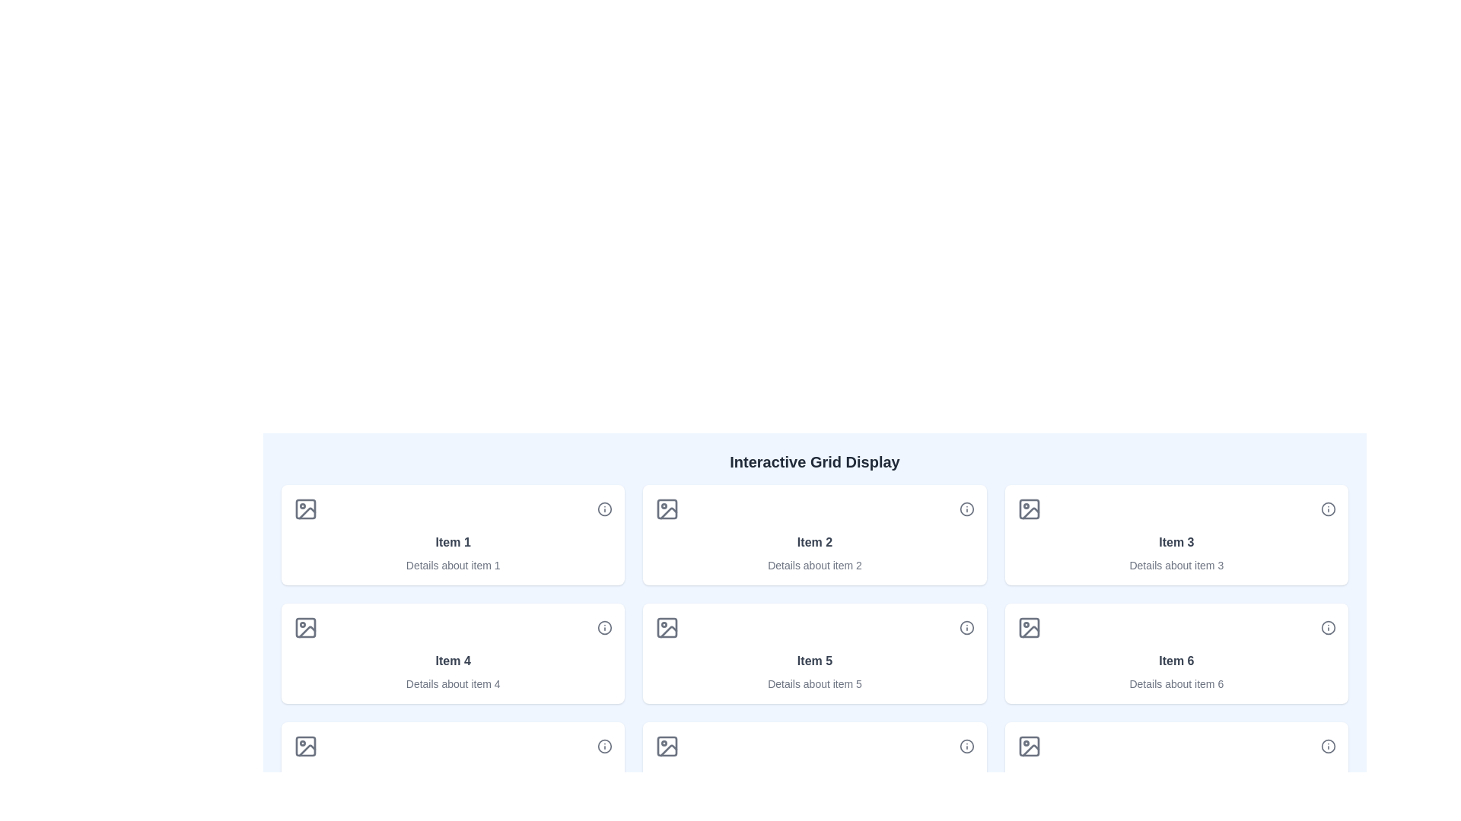 The width and height of the screenshot is (1461, 821). Describe the element at coordinates (667, 627) in the screenshot. I see `the stylized image thumbnail icon with a magnifying glass overlay located in the grid at position 'Item 5' in the second row and third column` at that location.